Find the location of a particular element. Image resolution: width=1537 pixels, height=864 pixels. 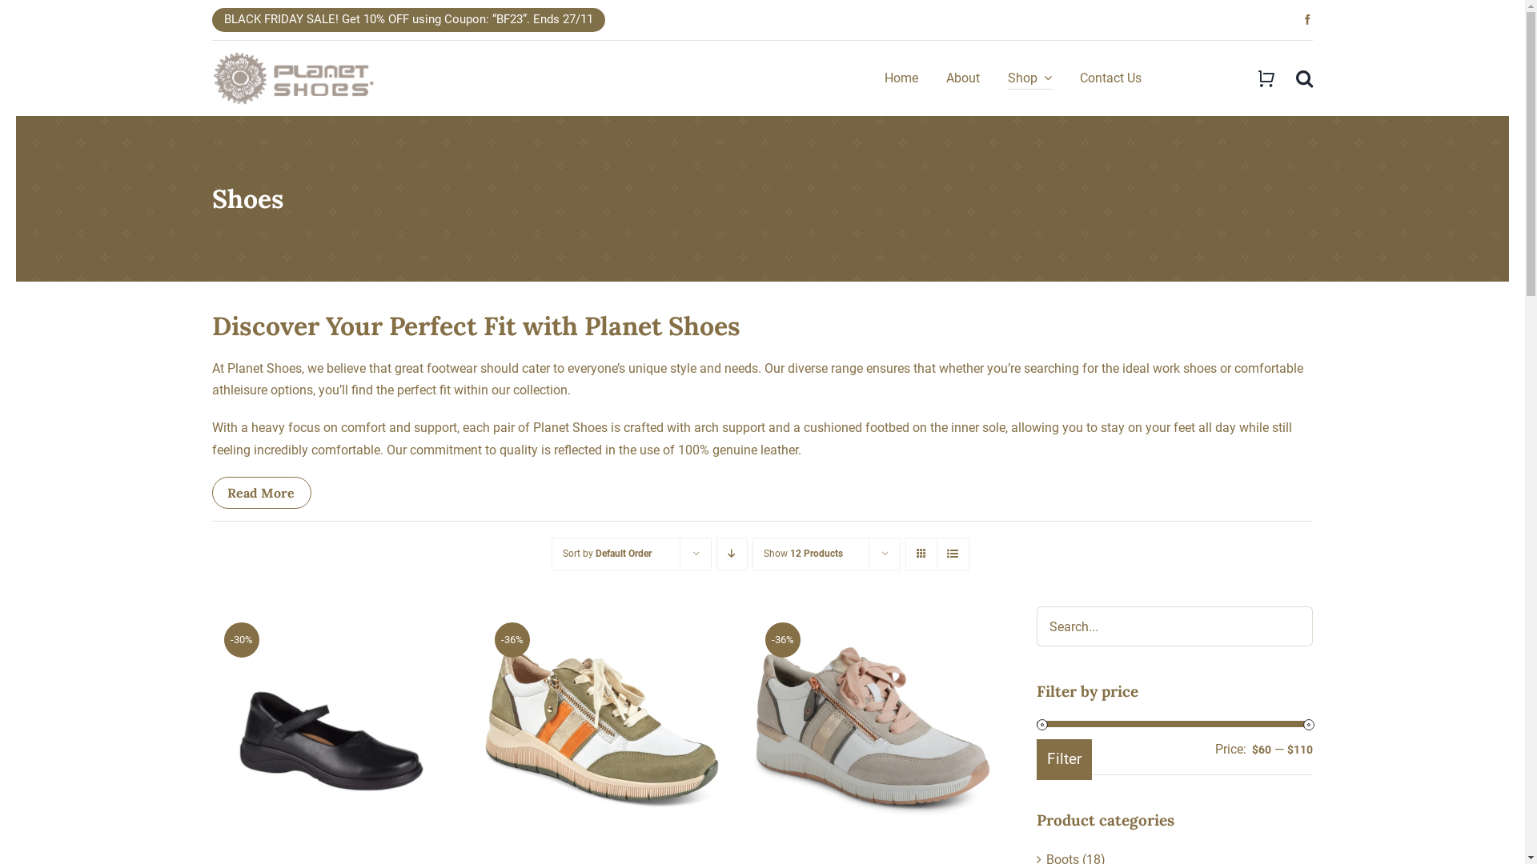

'Facebook' is located at coordinates (1307, 19).